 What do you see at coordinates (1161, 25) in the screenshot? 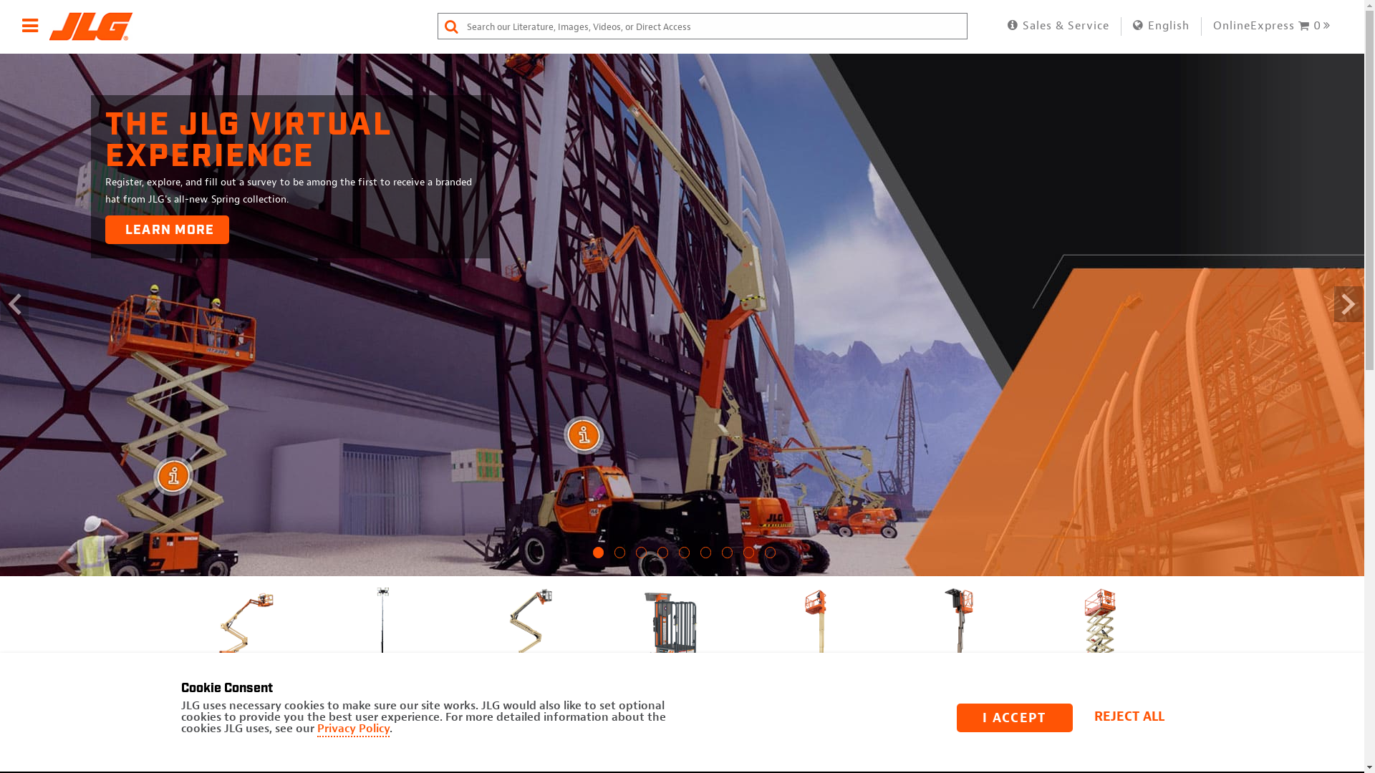
I see `'English'` at bounding box center [1161, 25].